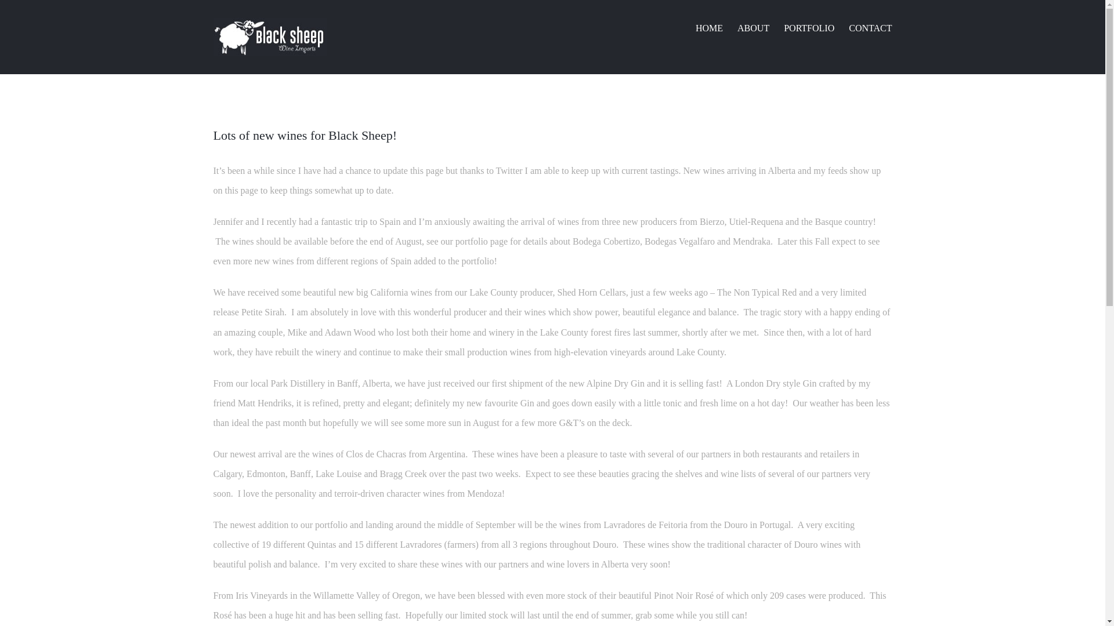  I want to click on 'HOME', so click(708, 27).